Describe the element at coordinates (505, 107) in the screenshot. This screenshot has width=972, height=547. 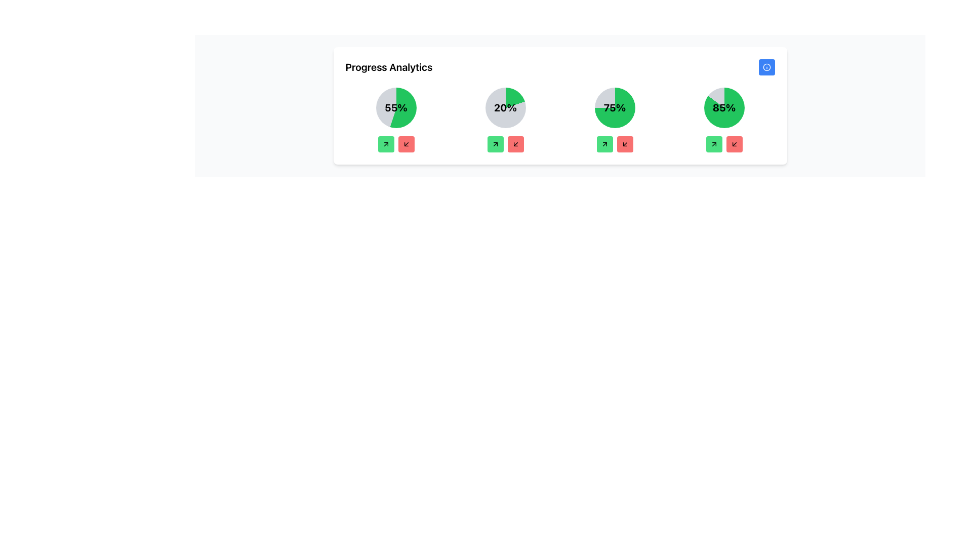
I see `the circular progress indicator displaying '20%' in a bold font, styled with a green and grey conic gradient, positioned as the second progress circle from the left in the analytics section` at that location.